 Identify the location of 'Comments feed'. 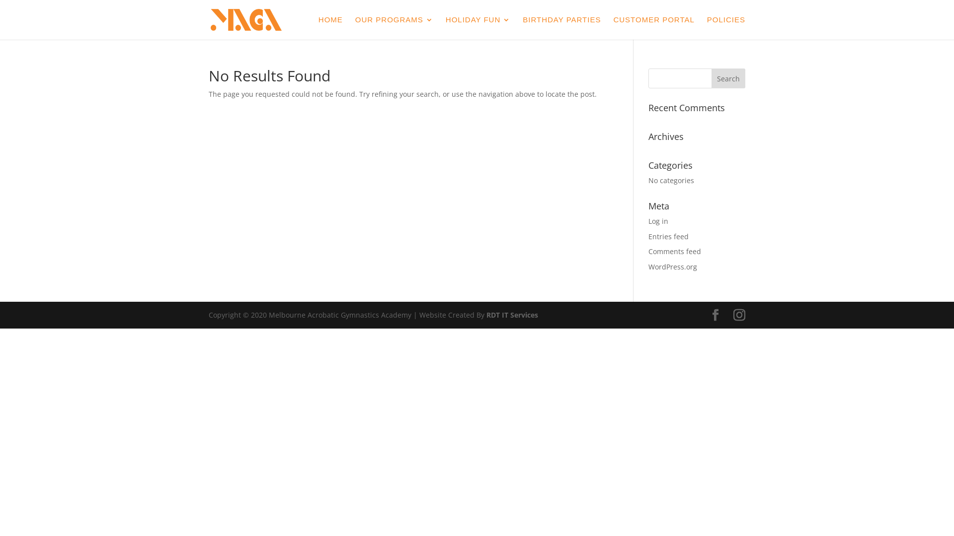
(648, 251).